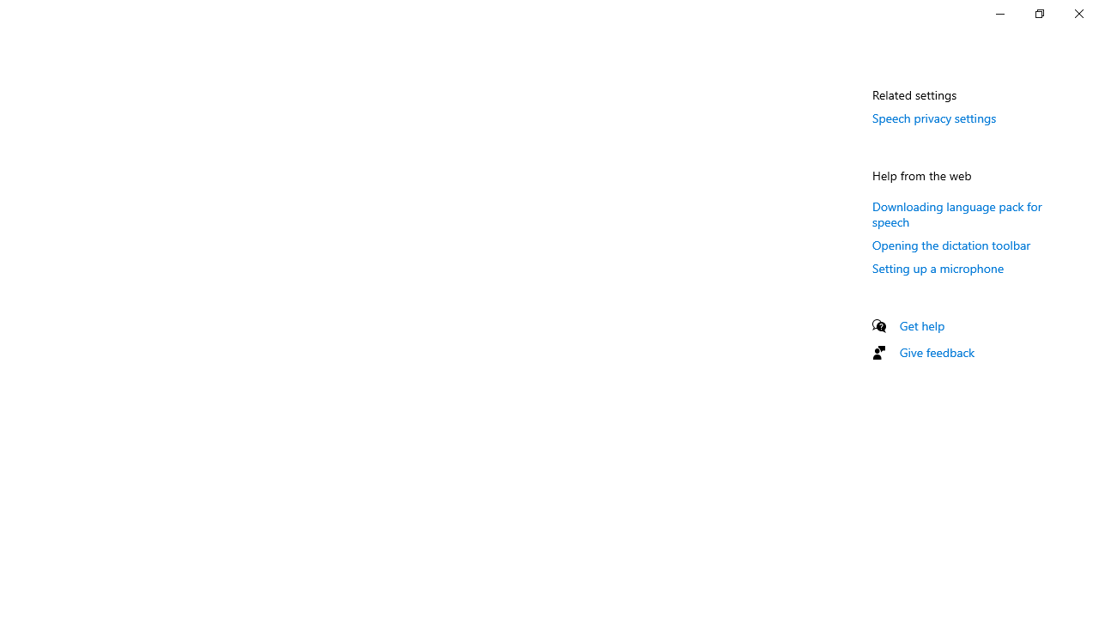 This screenshot has width=1099, height=618. I want to click on 'Downloading language pack for speech', so click(956, 212).